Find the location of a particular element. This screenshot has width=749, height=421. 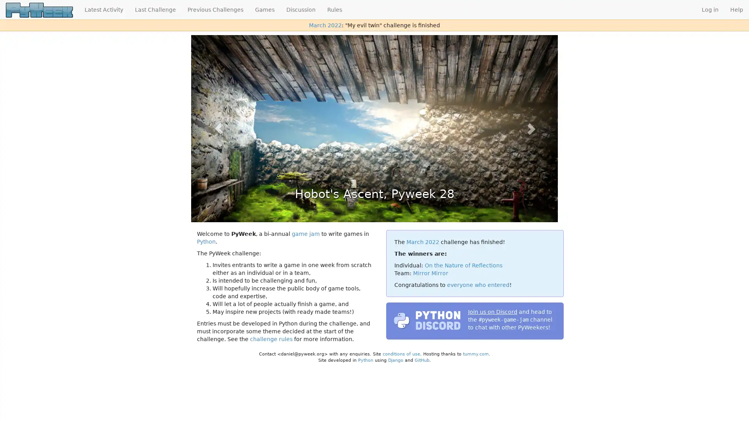

Previous is located at coordinates (218, 128).